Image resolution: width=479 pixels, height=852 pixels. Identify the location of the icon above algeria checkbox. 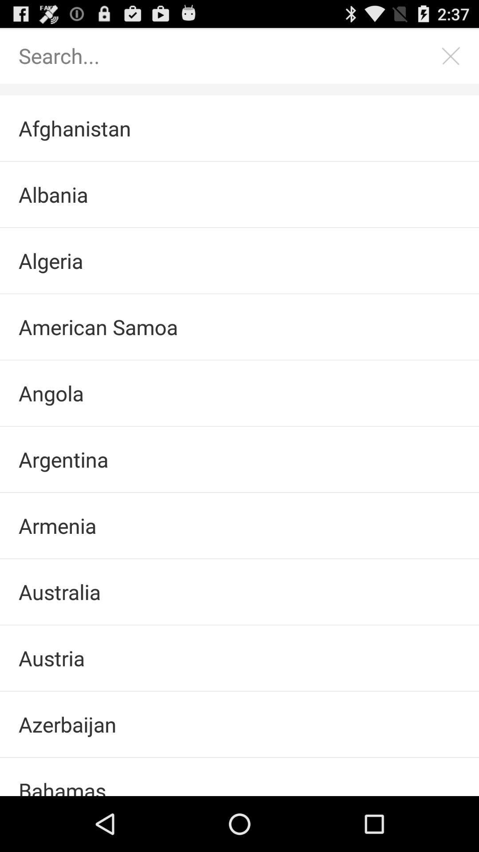
(239, 194).